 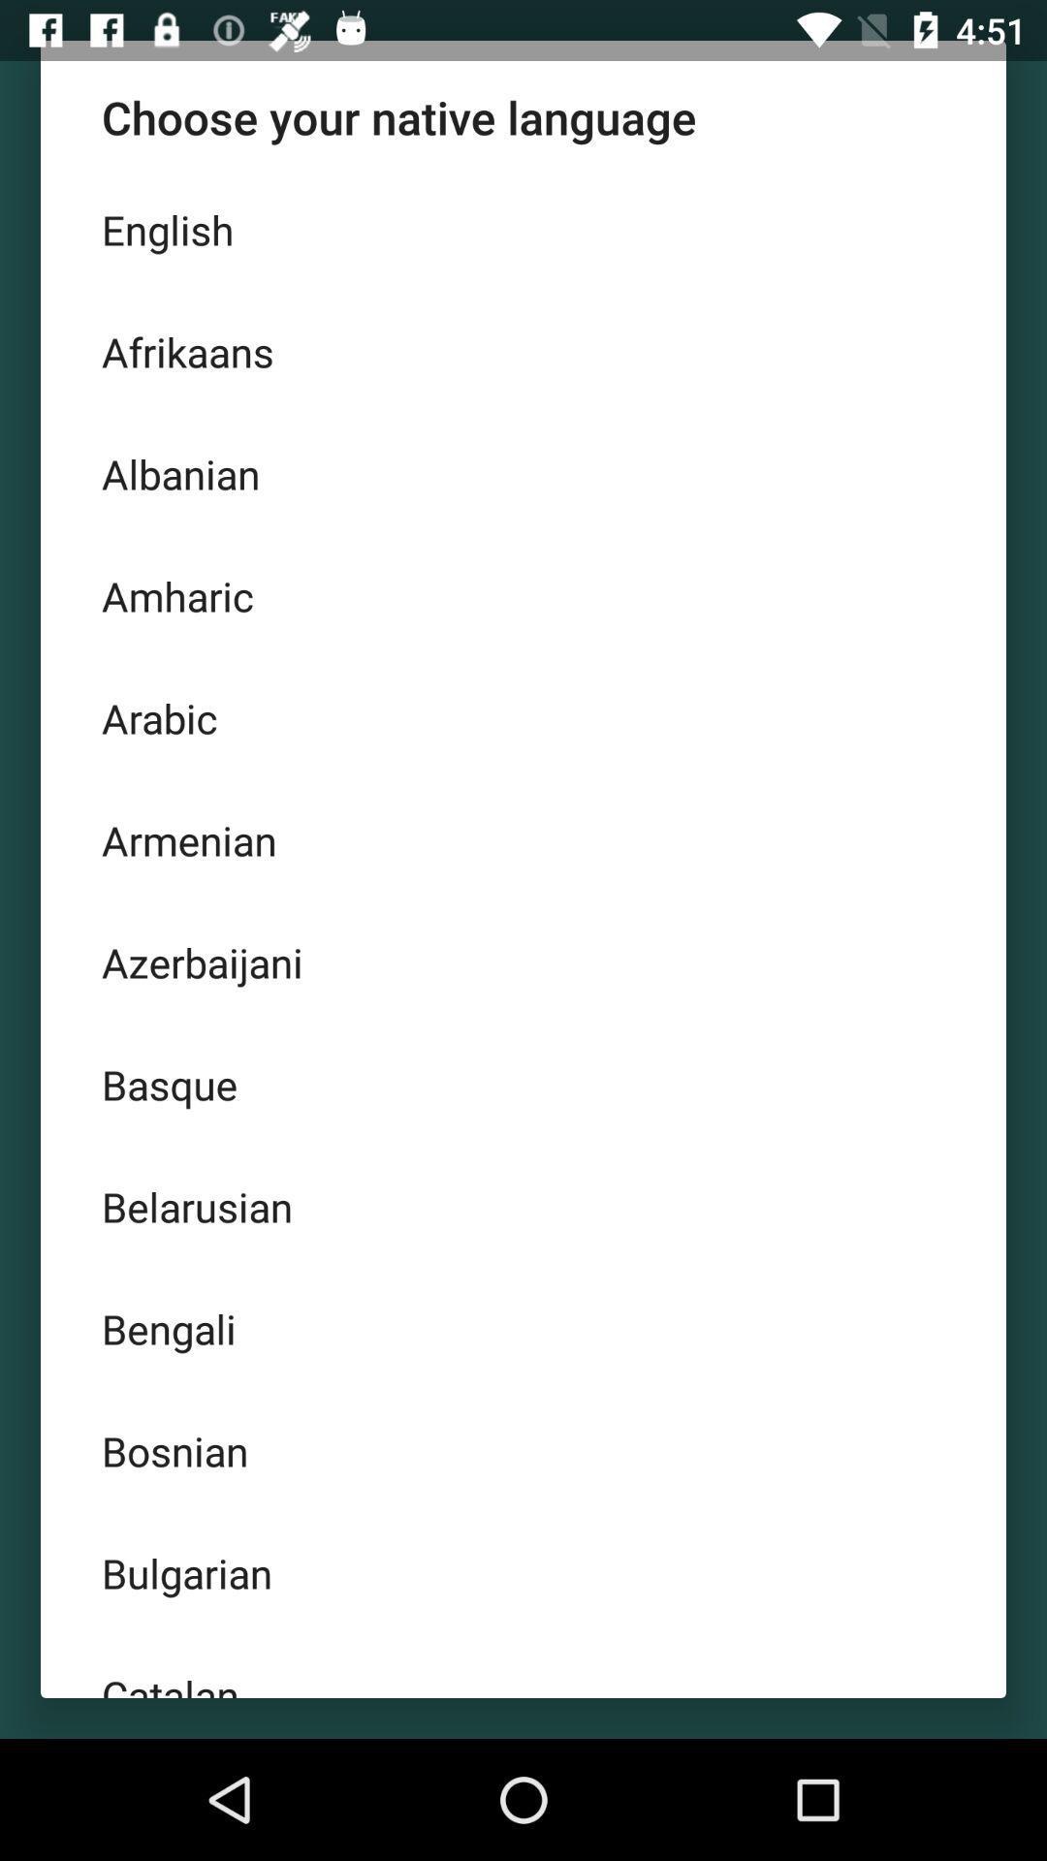 I want to click on the azerbaijani item, so click(x=523, y=962).